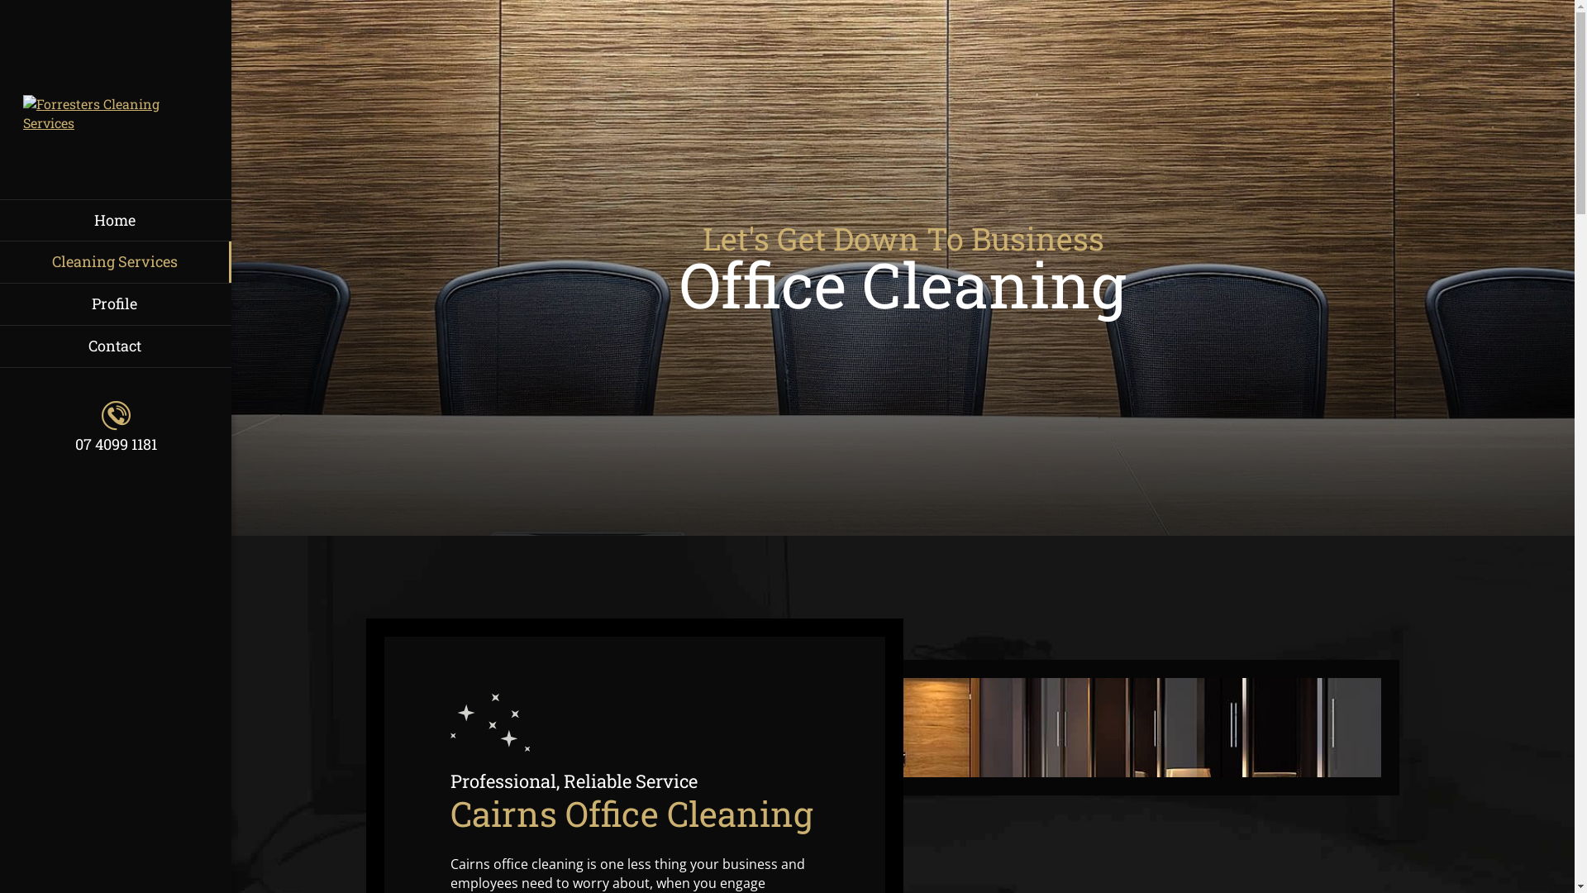  I want to click on 'Contact', so click(114, 346).